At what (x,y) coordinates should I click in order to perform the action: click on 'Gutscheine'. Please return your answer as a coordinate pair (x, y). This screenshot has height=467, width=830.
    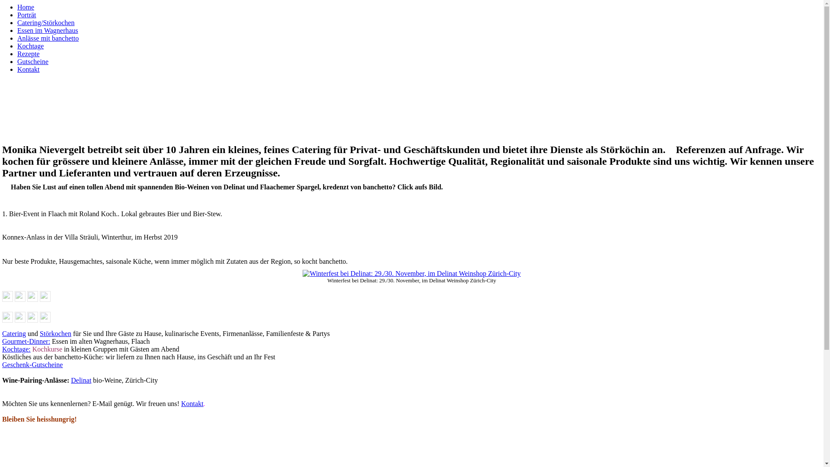
    Looking at the image, I should click on (33, 61).